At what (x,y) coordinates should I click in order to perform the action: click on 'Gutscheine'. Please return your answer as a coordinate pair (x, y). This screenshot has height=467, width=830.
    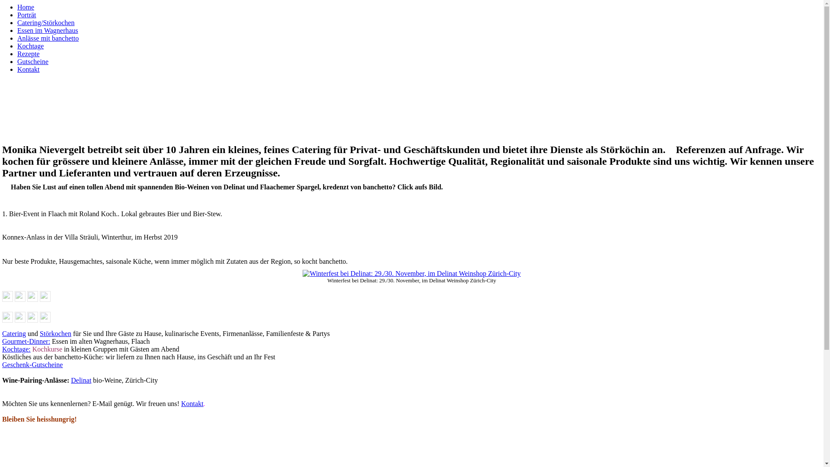
    Looking at the image, I should click on (33, 61).